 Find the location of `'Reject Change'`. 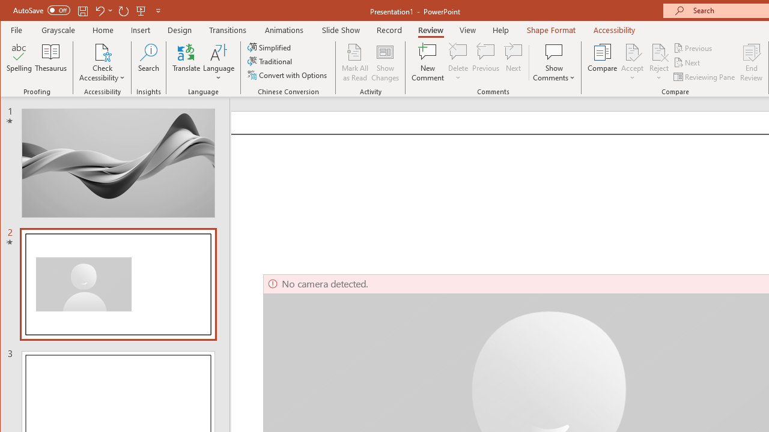

'Reject Change' is located at coordinates (658, 51).